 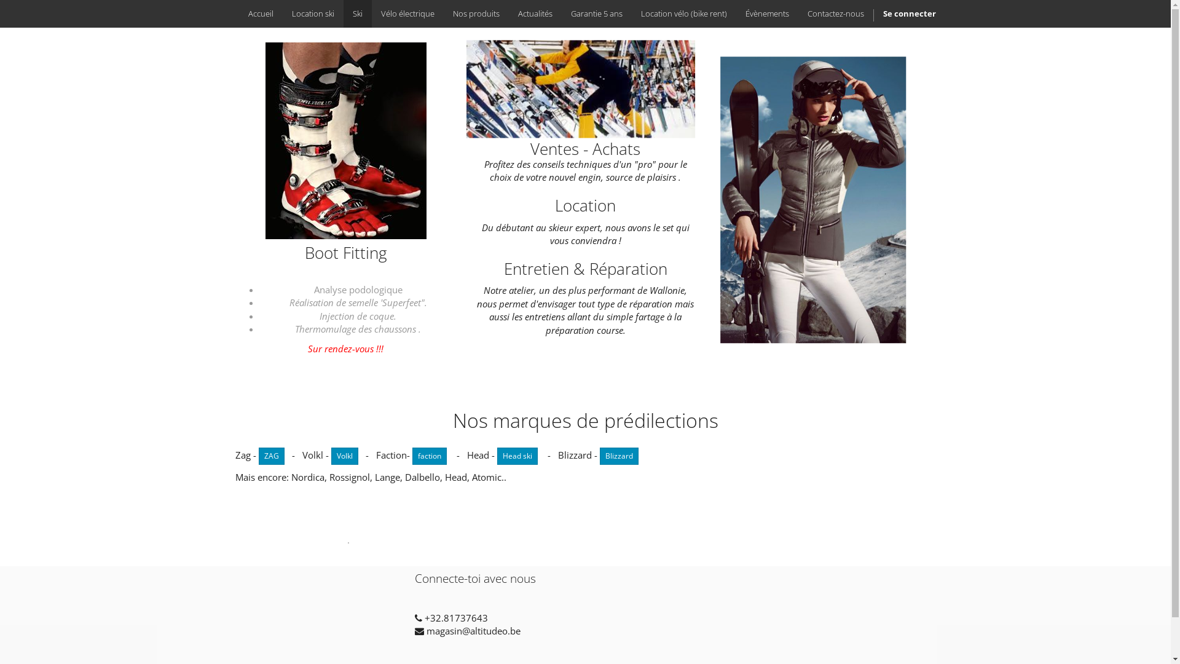 What do you see at coordinates (516, 456) in the screenshot?
I see `'Head ski'` at bounding box center [516, 456].